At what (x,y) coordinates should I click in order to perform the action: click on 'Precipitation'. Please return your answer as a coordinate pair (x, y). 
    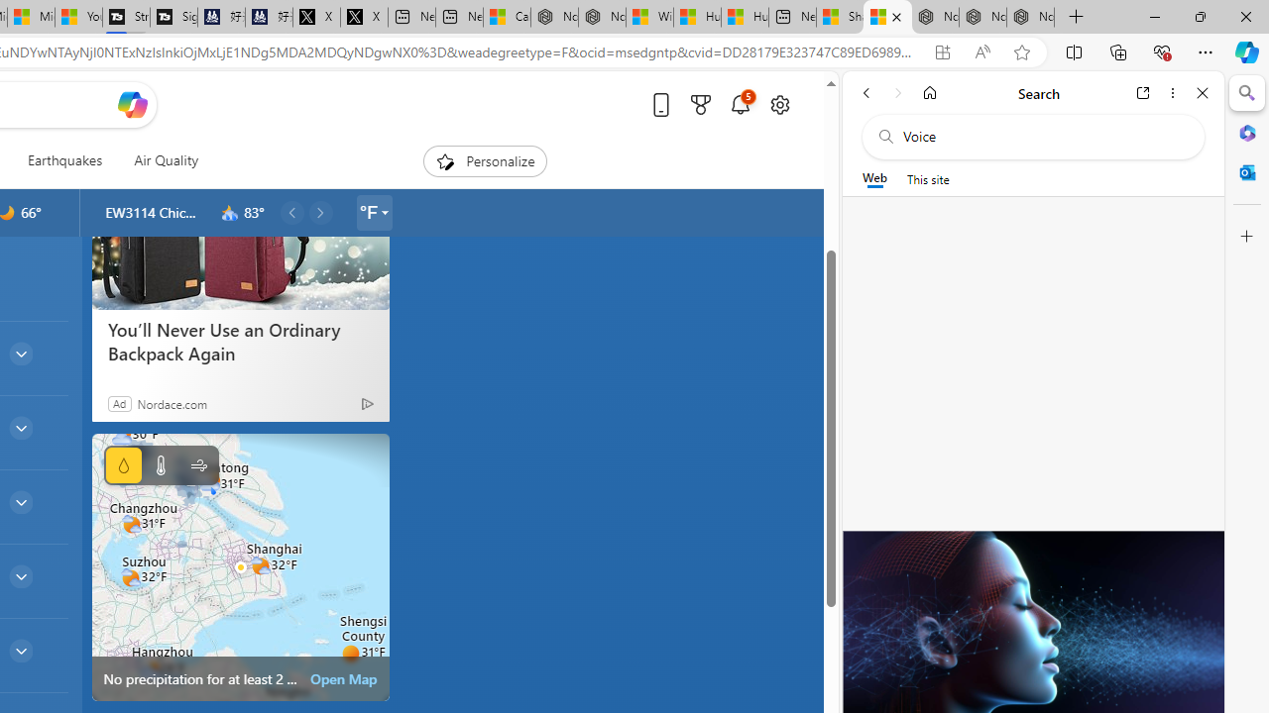
    Looking at the image, I should click on (122, 465).